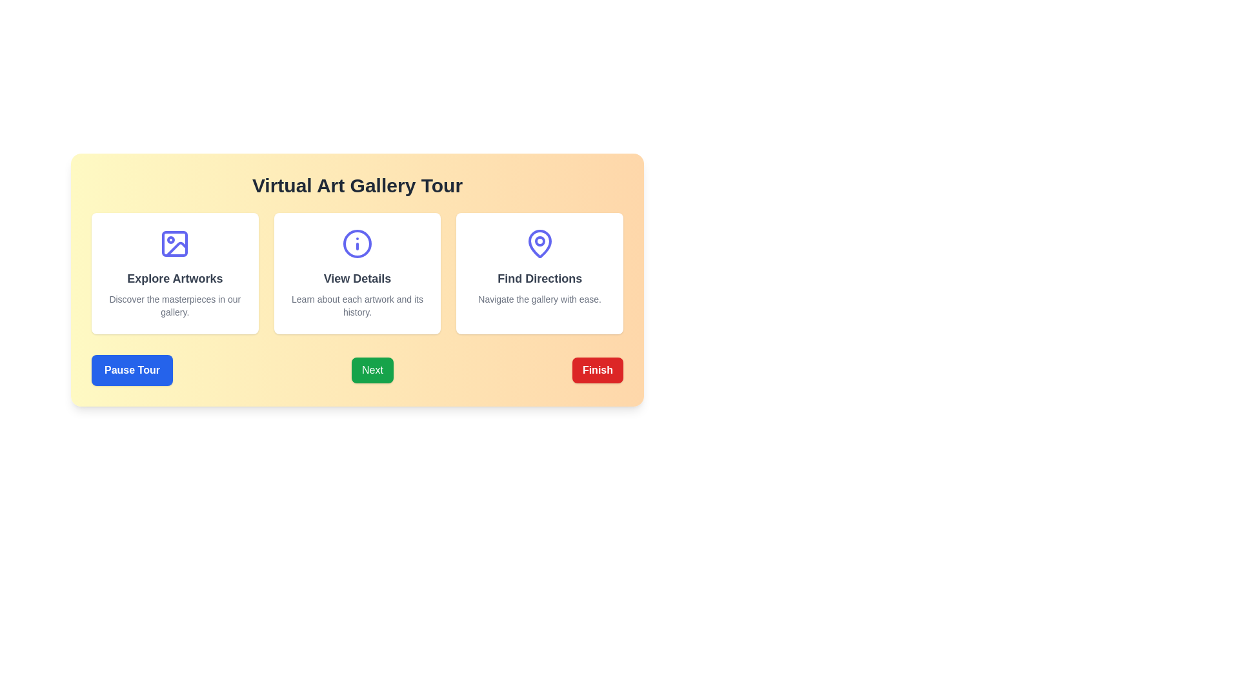 This screenshot has width=1239, height=697. I want to click on static text displaying the phrase 'Navigate the gallery with ease.' which is styled with gray color and is located below the title 'Find Directions' in the rightmost panel, so click(539, 299).